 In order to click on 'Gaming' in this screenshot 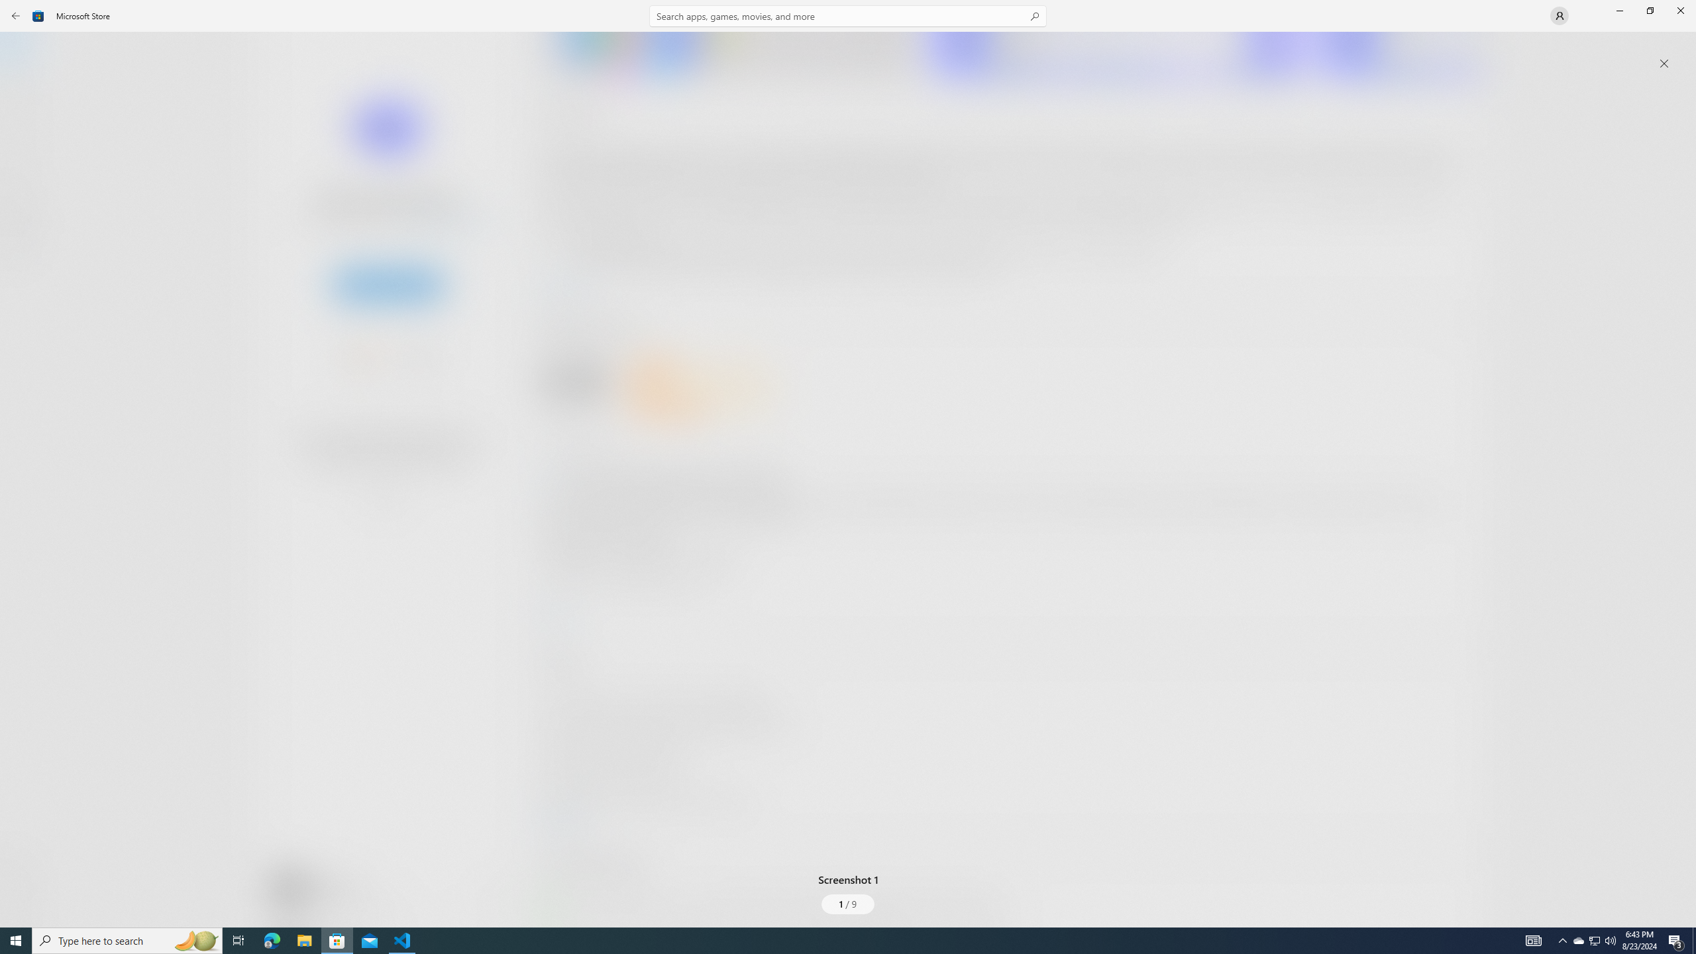, I will do `click(23, 134)`.